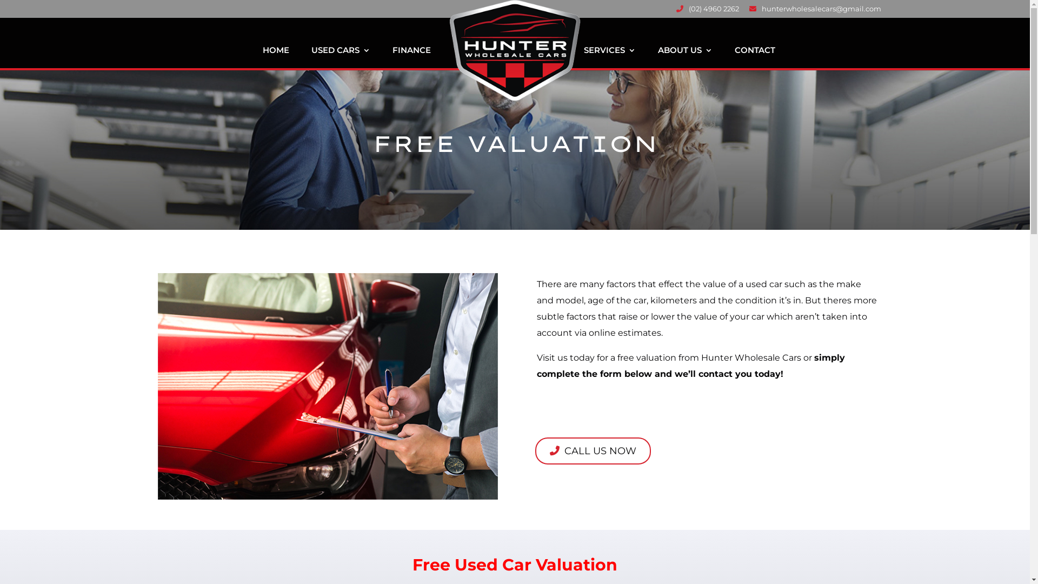  I want to click on 'USED CARS', so click(311, 58).